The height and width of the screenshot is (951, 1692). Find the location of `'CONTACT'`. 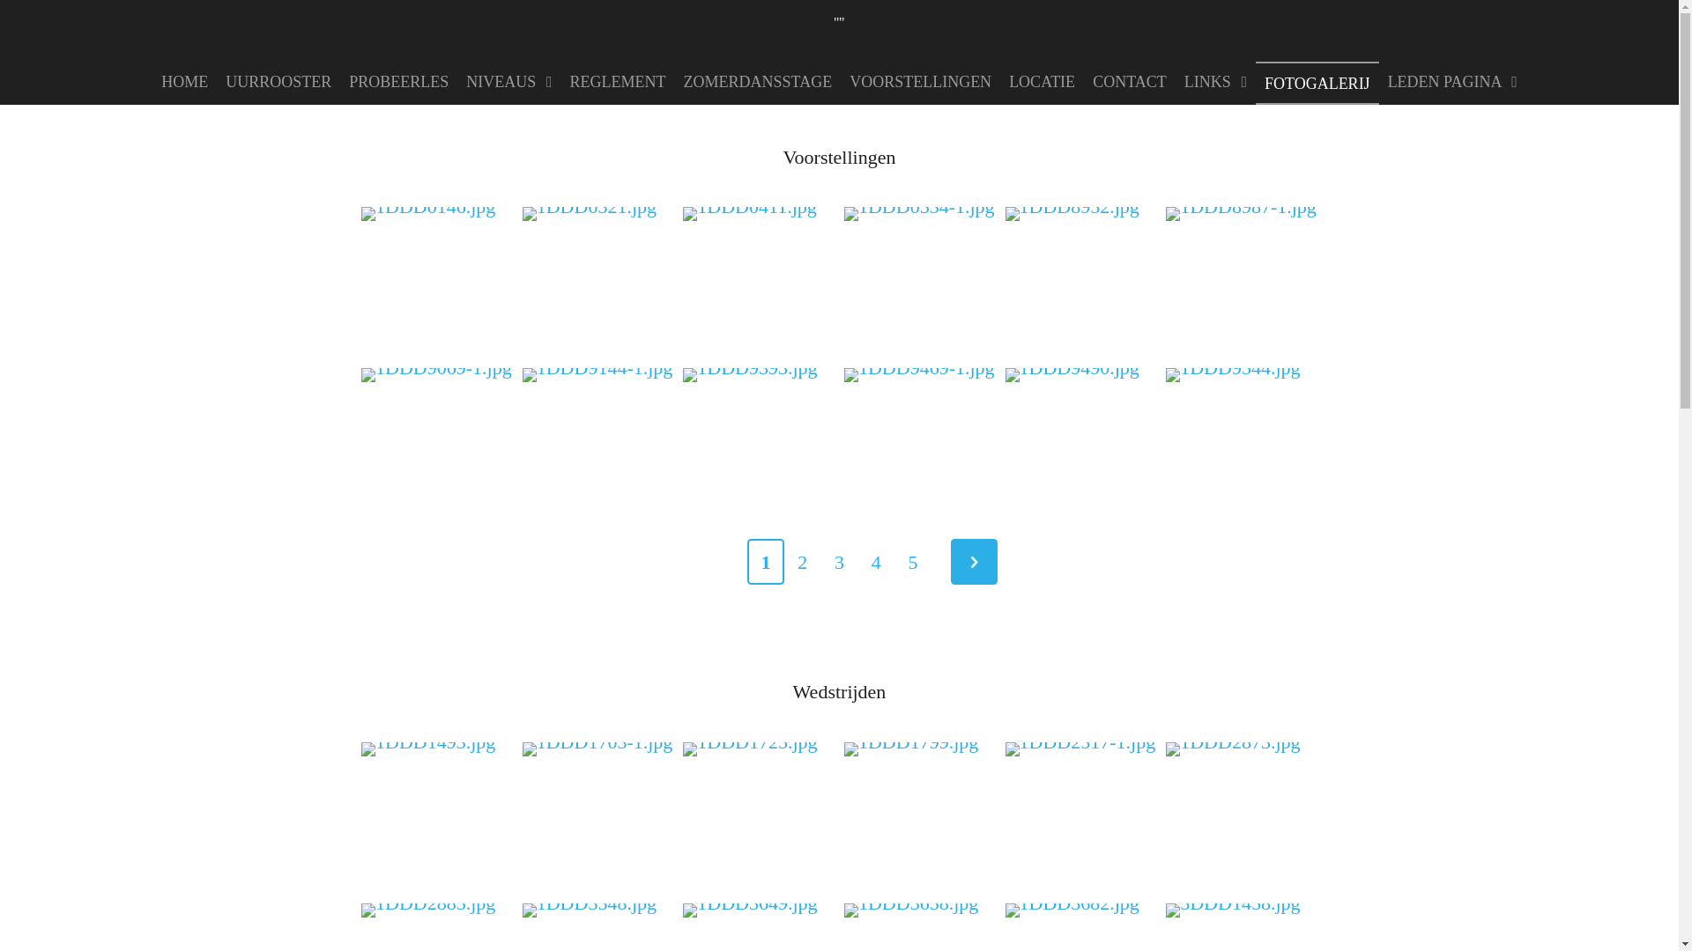

'CONTACT' is located at coordinates (1129, 81).